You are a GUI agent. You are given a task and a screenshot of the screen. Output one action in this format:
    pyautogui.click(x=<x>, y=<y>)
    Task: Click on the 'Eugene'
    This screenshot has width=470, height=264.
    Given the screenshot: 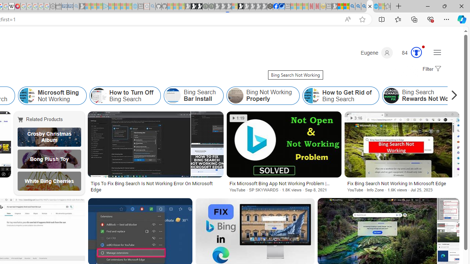 What is the action you would take?
    pyautogui.click(x=377, y=52)
    